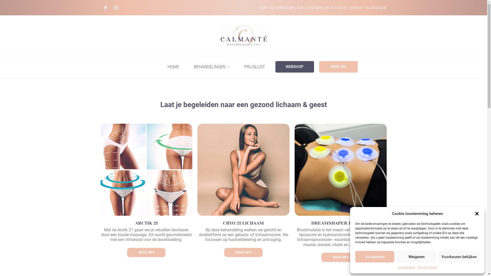 The height and width of the screenshot is (276, 491). I want to click on 'Weigeren', so click(416, 257).